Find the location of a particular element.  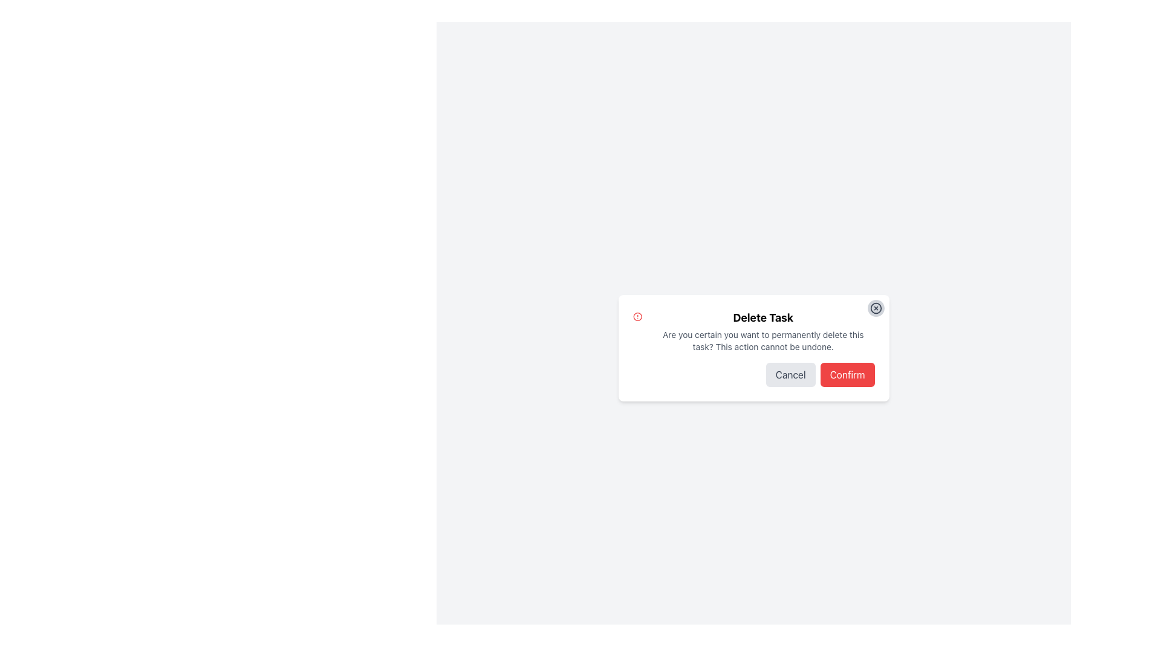

the 'Delete Task' heading in the confirmation dialog, which is styled in bold, large font and located at the top of the dialog box is located at coordinates (763, 317).